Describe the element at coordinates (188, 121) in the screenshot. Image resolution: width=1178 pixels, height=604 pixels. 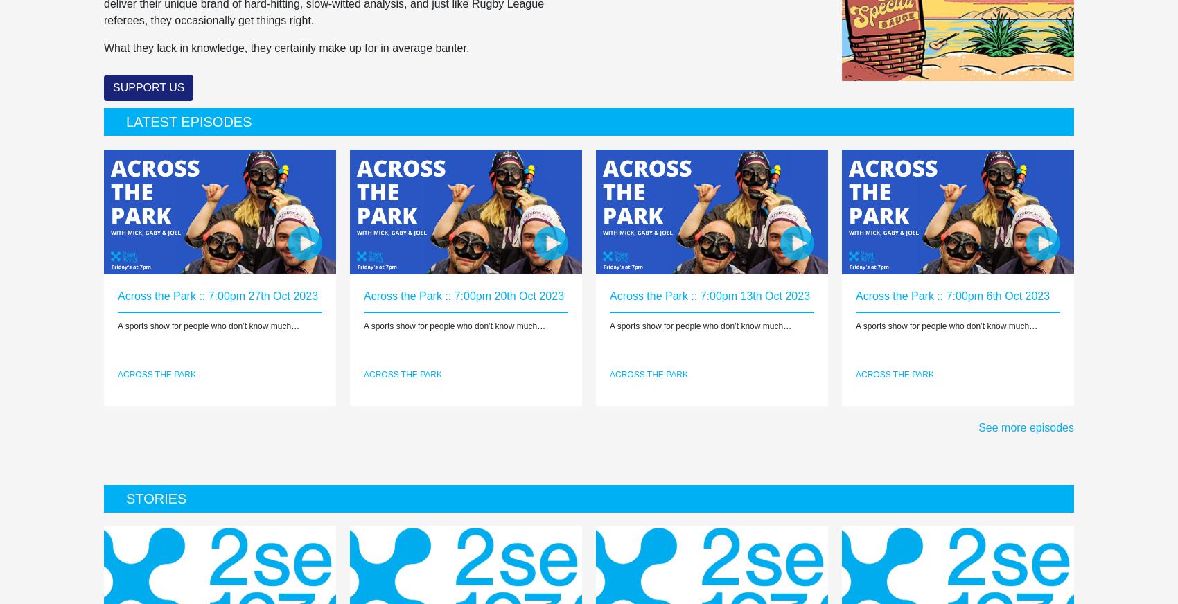
I see `'LATEST EPISODES'` at that location.